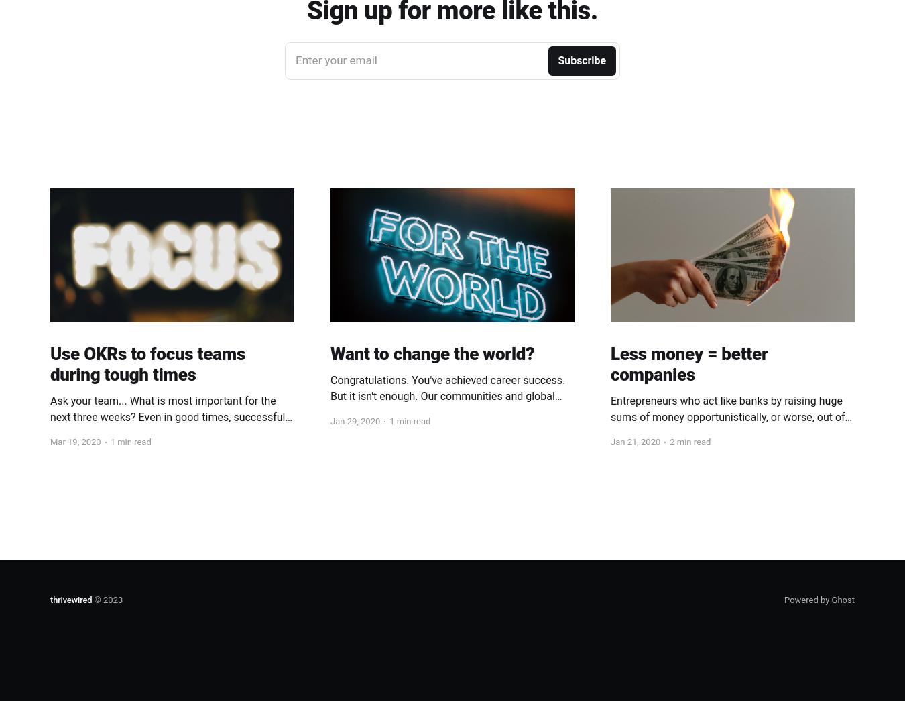  Describe the element at coordinates (689, 363) in the screenshot. I see `'Less money = better companies'` at that location.